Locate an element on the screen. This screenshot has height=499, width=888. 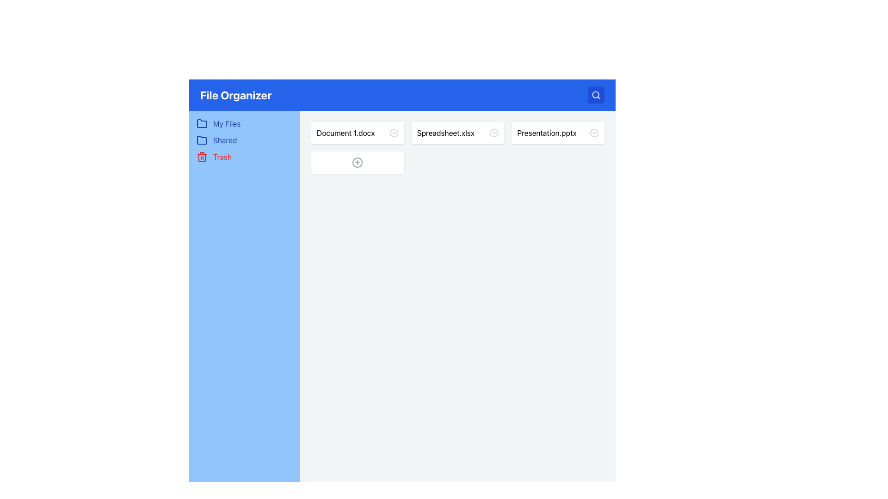
the file entry labeled 'Spreadsheet.xlsx' in the grid layout is located at coordinates (457, 147).